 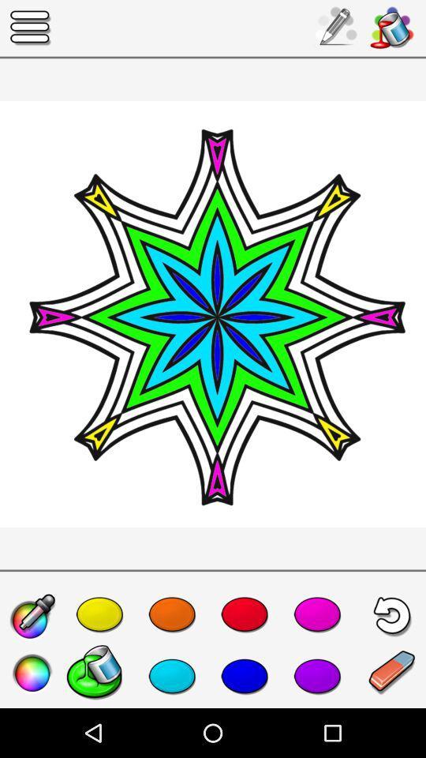 I want to click on the favorite icon, so click(x=171, y=675).